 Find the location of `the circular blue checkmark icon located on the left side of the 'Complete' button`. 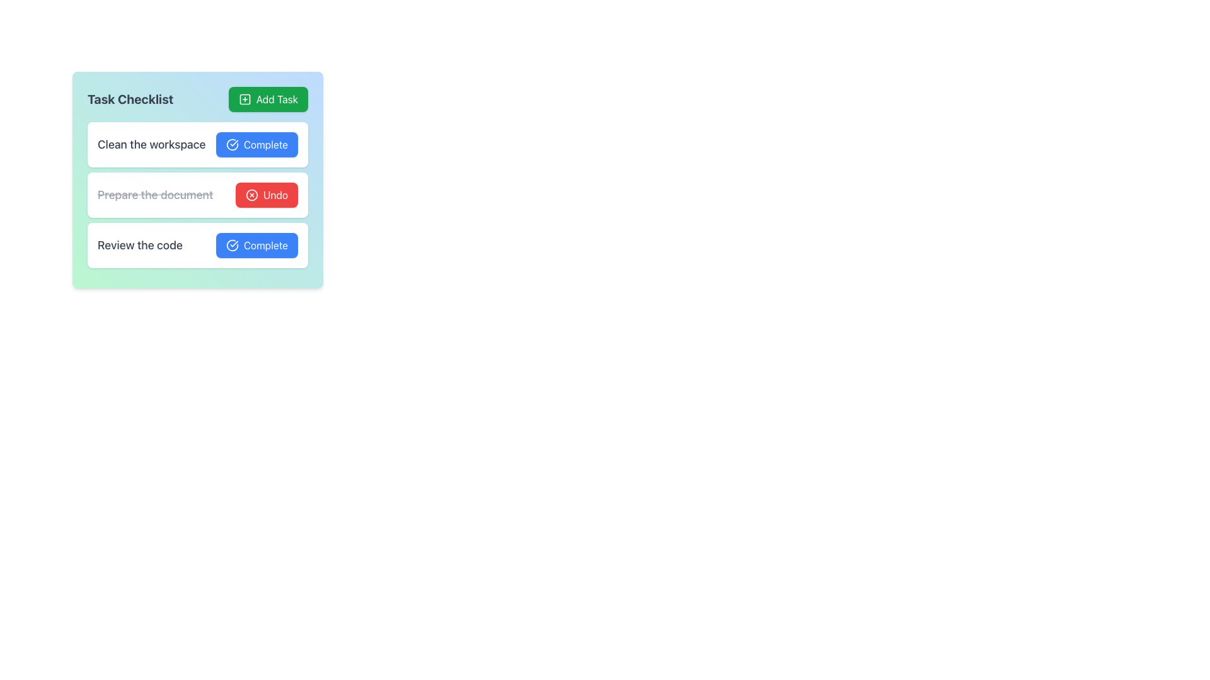

the circular blue checkmark icon located on the left side of the 'Complete' button is located at coordinates (232, 245).